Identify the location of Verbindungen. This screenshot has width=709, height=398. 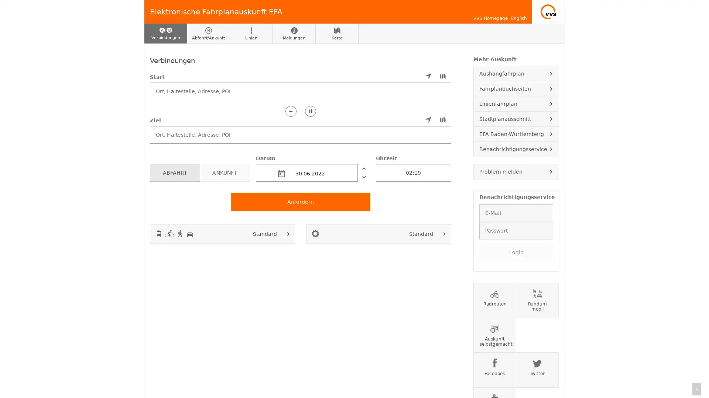
(165, 34).